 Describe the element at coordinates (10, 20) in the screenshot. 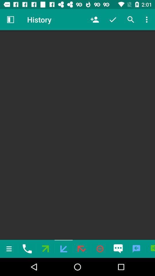

I see `the icon next to history item` at that location.